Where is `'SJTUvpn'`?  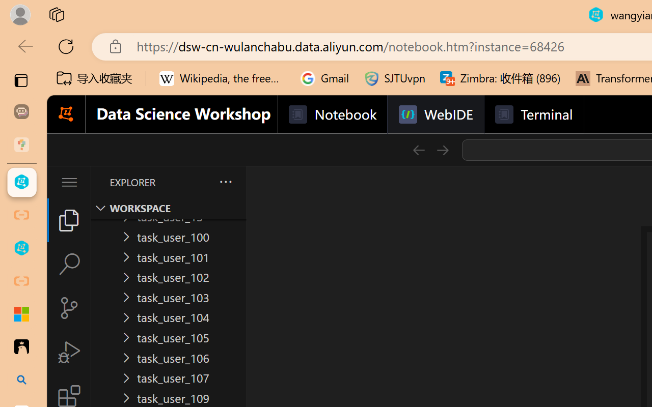
'SJTUvpn' is located at coordinates (394, 78).